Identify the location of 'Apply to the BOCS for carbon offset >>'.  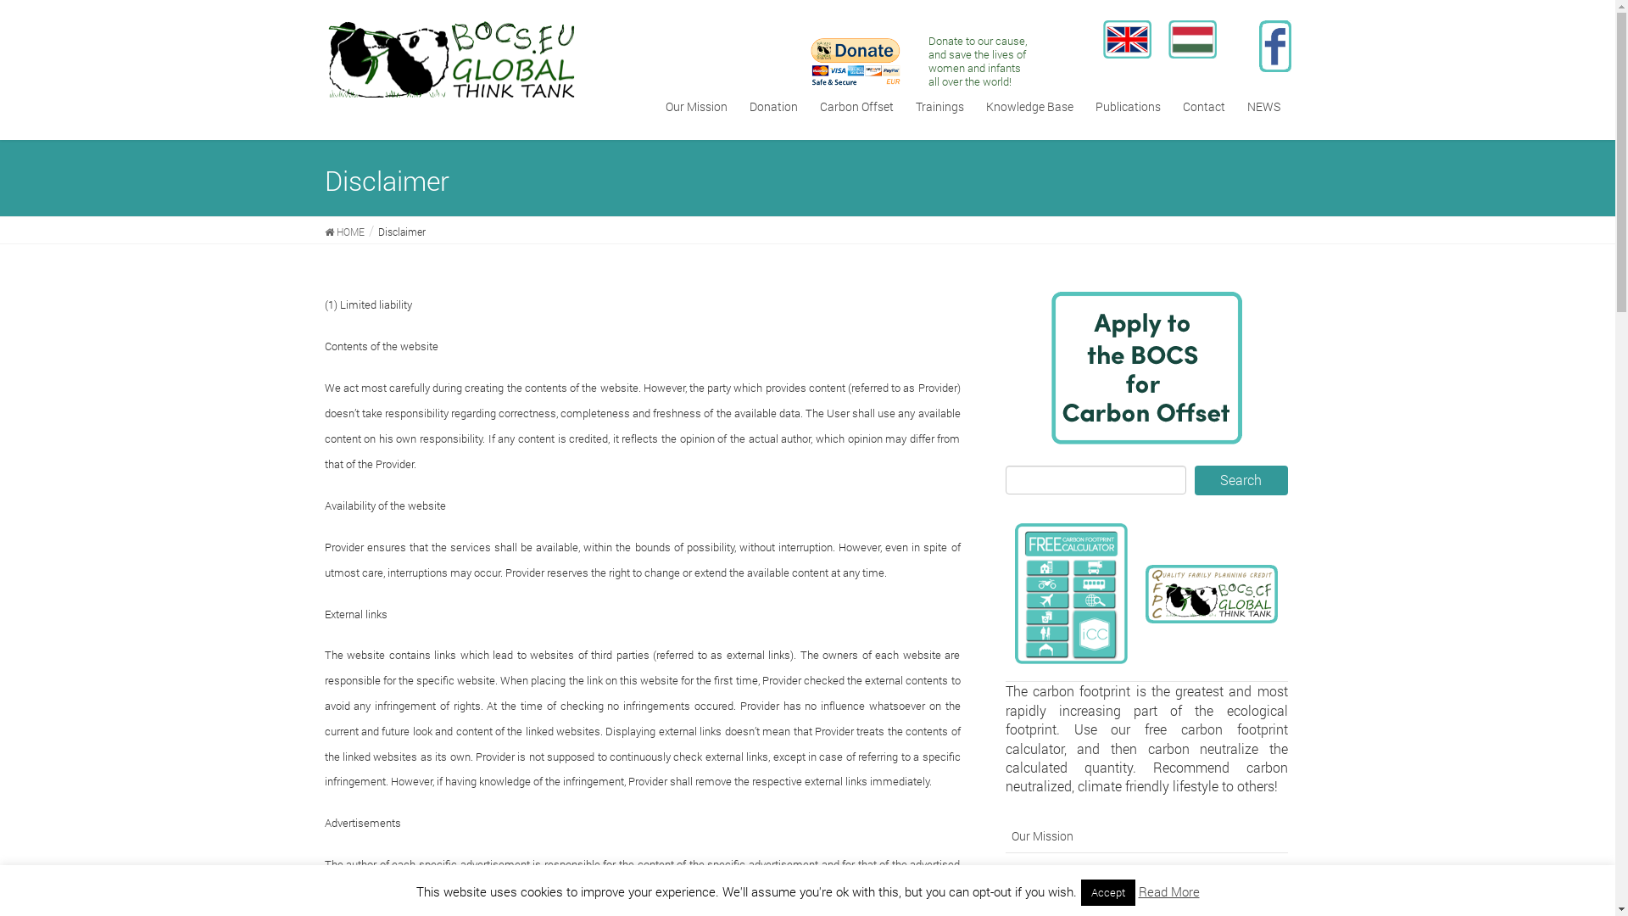
(1146, 367).